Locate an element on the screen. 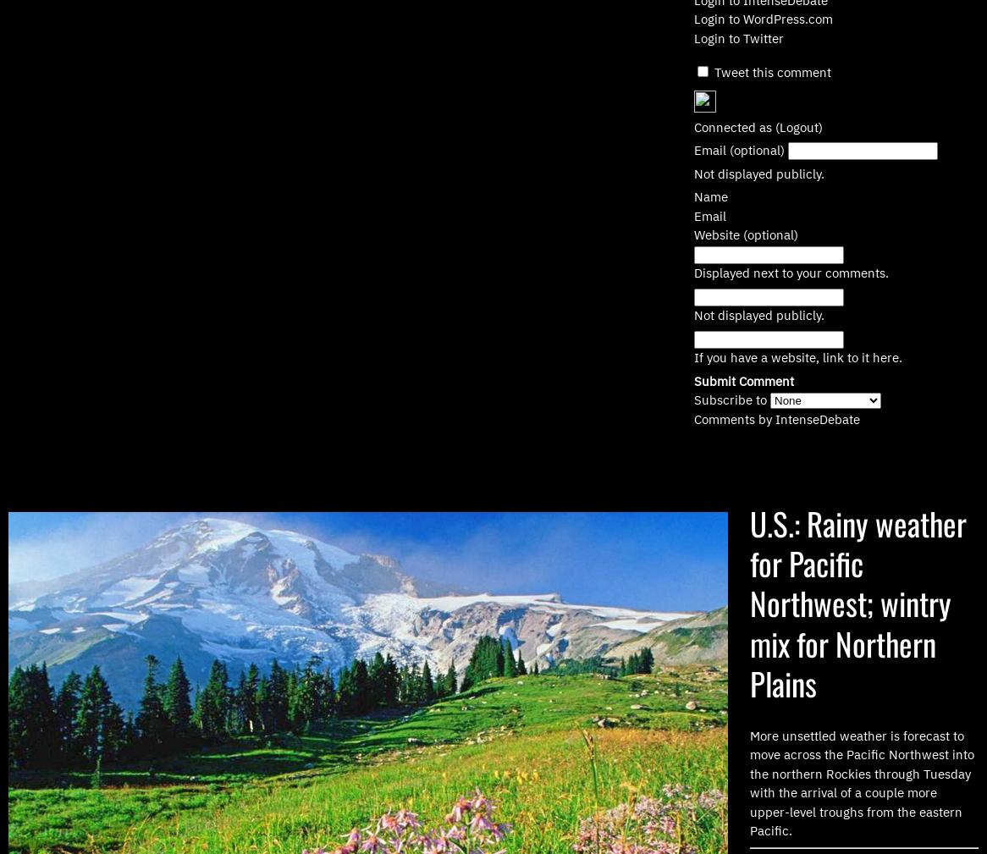 The image size is (987, 854). 'Login to WordPress.com' is located at coordinates (763, 18).